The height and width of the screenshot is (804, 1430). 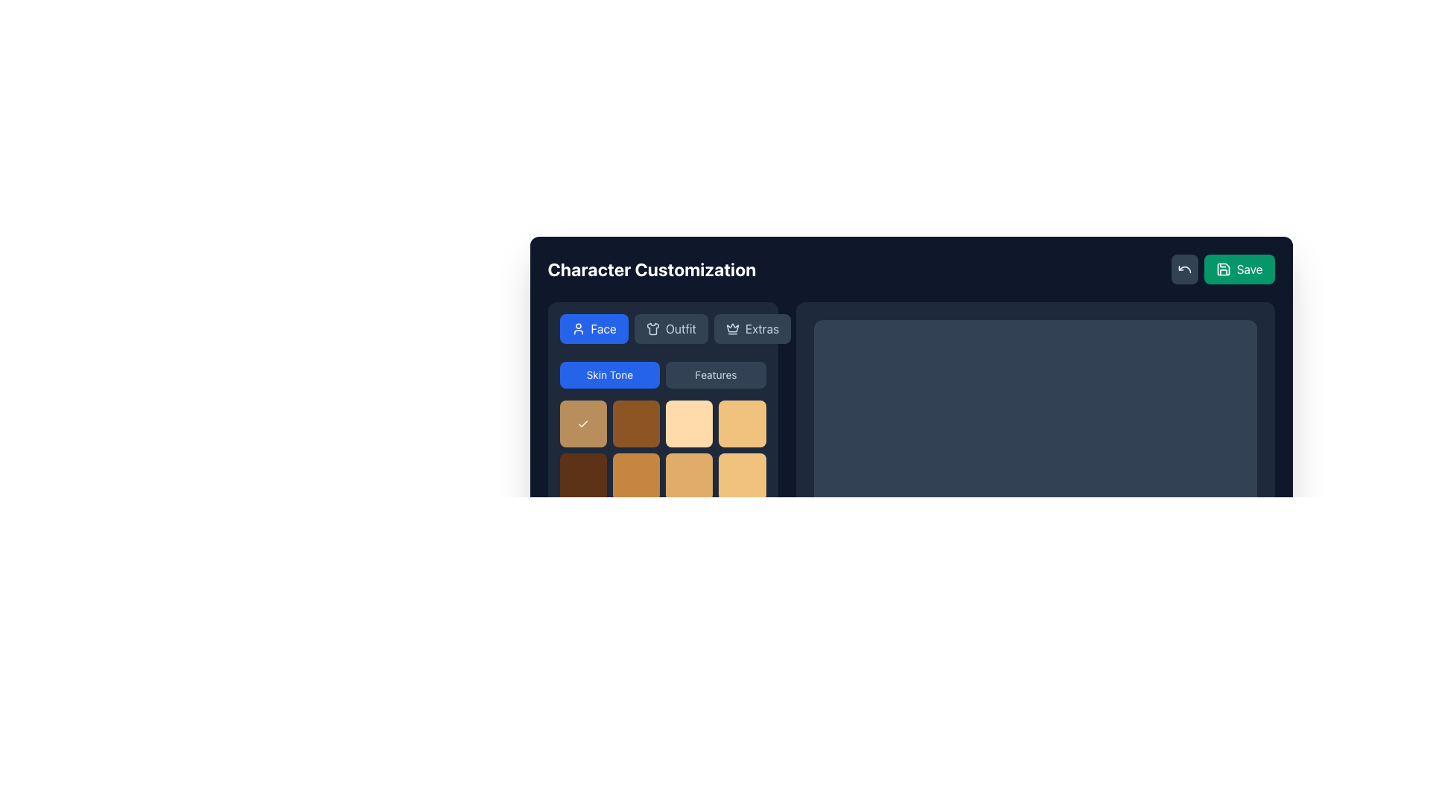 I want to click on a square, so click(x=662, y=455).